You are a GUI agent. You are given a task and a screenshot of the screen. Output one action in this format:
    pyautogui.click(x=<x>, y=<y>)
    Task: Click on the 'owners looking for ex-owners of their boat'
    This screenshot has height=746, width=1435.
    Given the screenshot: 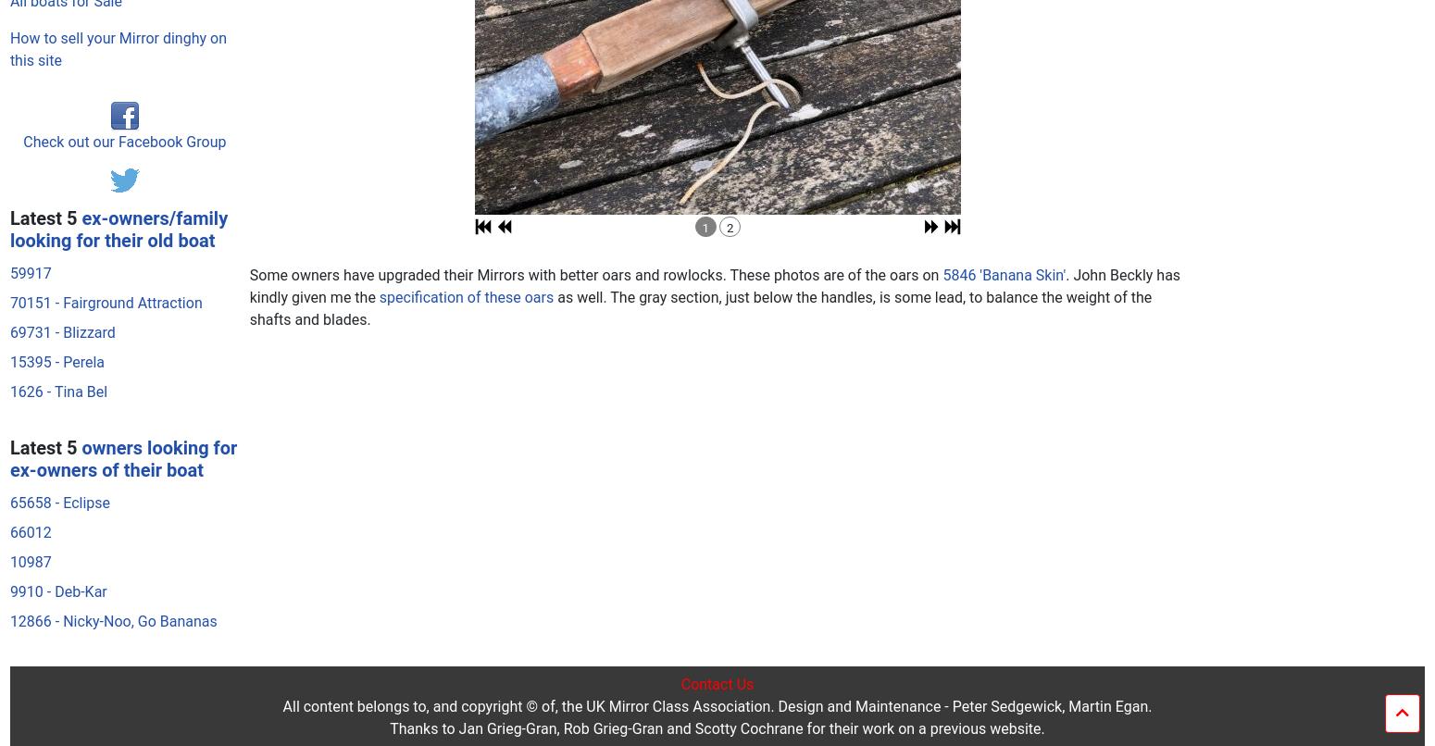 What is the action you would take?
    pyautogui.click(x=122, y=99)
    